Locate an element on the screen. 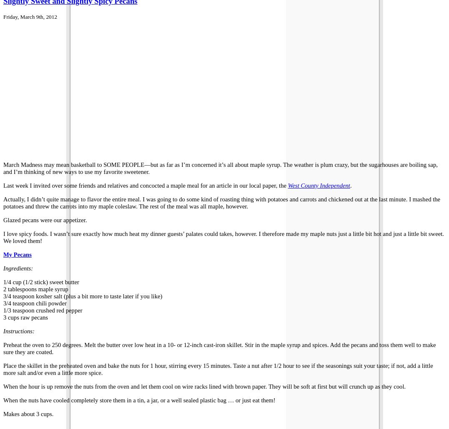 The height and width of the screenshot is (429, 449). 'Last week I invited over some friends and relatives and concocted a maple meal for an article in our local paper, the' is located at coordinates (145, 185).